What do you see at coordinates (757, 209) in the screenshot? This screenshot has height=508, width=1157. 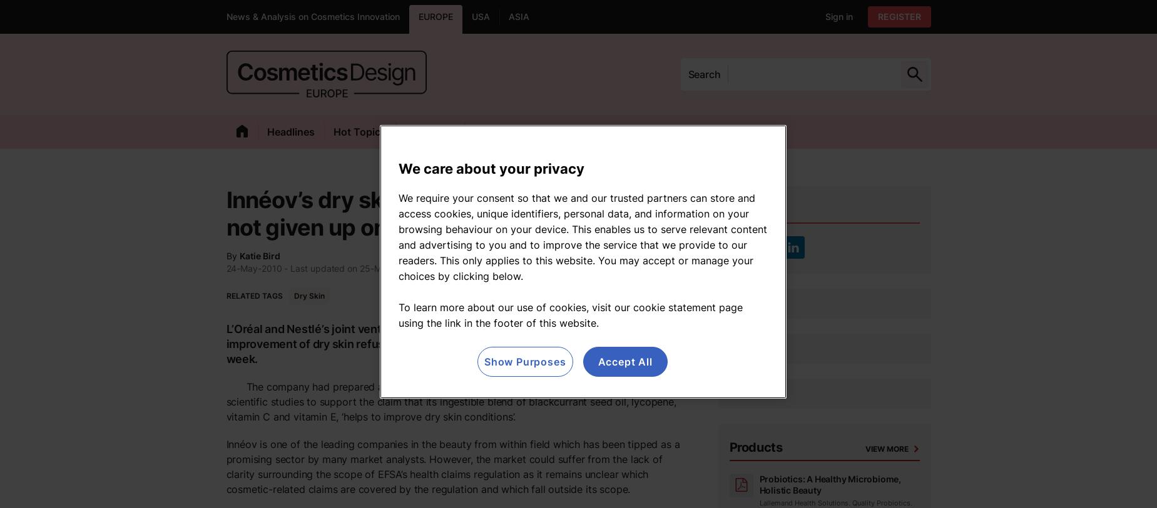 I see `'Follow us'` at bounding box center [757, 209].